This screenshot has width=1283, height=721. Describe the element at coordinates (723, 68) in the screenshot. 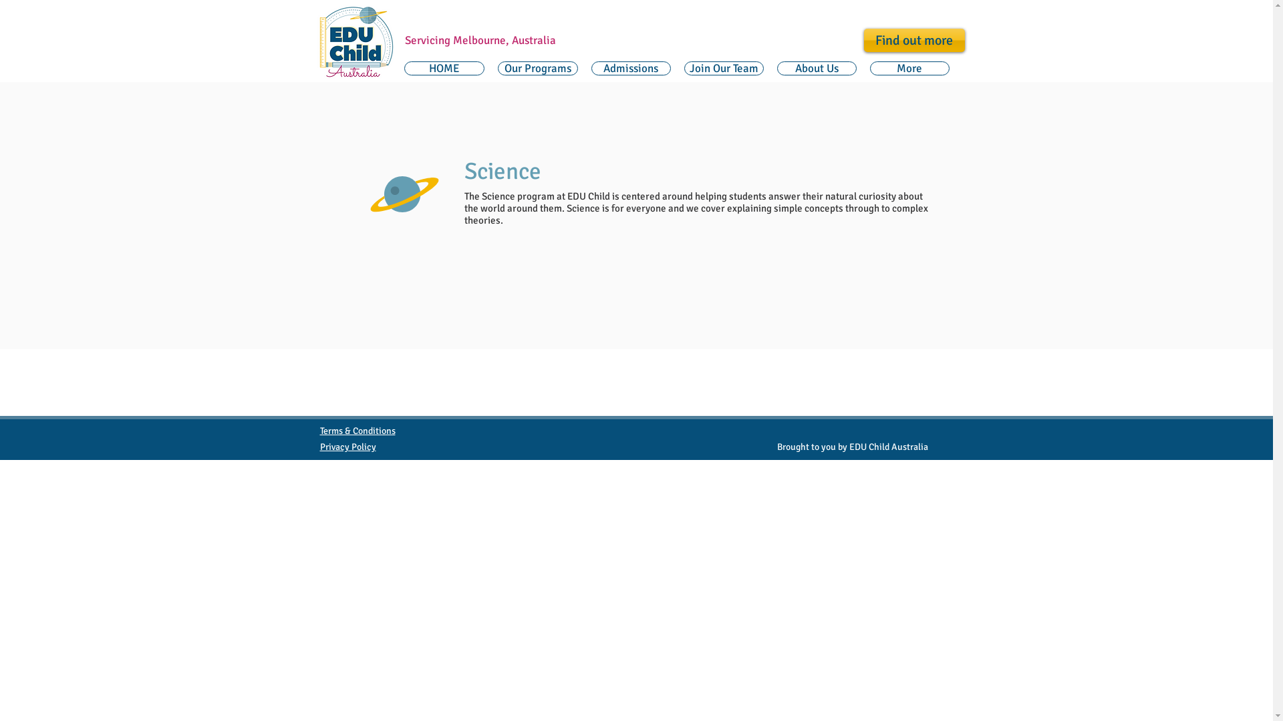

I see `'Join Our Team'` at that location.